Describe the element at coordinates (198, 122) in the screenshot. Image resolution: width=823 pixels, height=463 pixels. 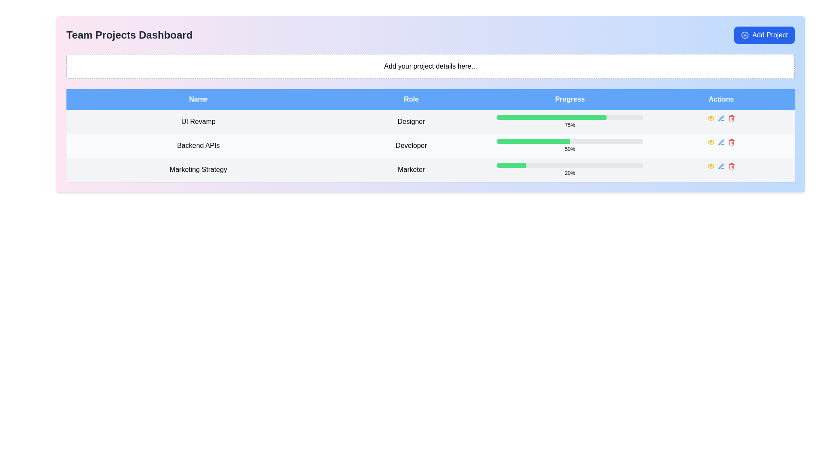
I see `the Static Text Label in the first column of the first data row under the 'Name' header to identify the project name` at that location.